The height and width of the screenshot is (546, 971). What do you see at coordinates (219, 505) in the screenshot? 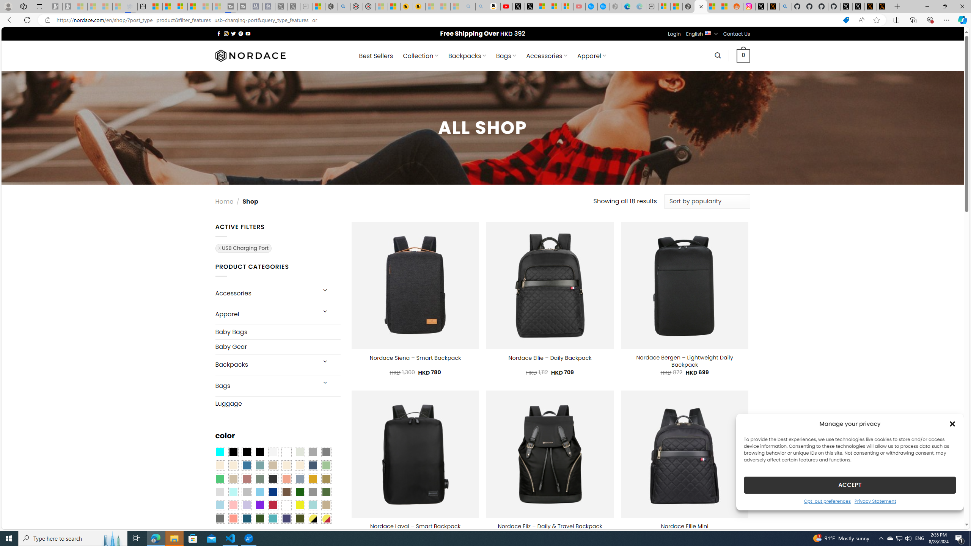
I see `'Light Blue'` at bounding box center [219, 505].